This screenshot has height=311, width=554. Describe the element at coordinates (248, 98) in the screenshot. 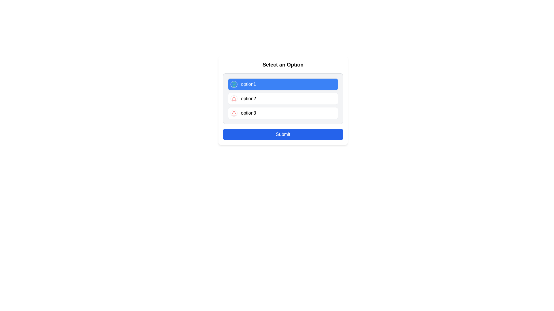

I see `label text of the second selectable option in the list, which is positioned to the right of the warning icon and below the first option labeled 'option1'` at that location.